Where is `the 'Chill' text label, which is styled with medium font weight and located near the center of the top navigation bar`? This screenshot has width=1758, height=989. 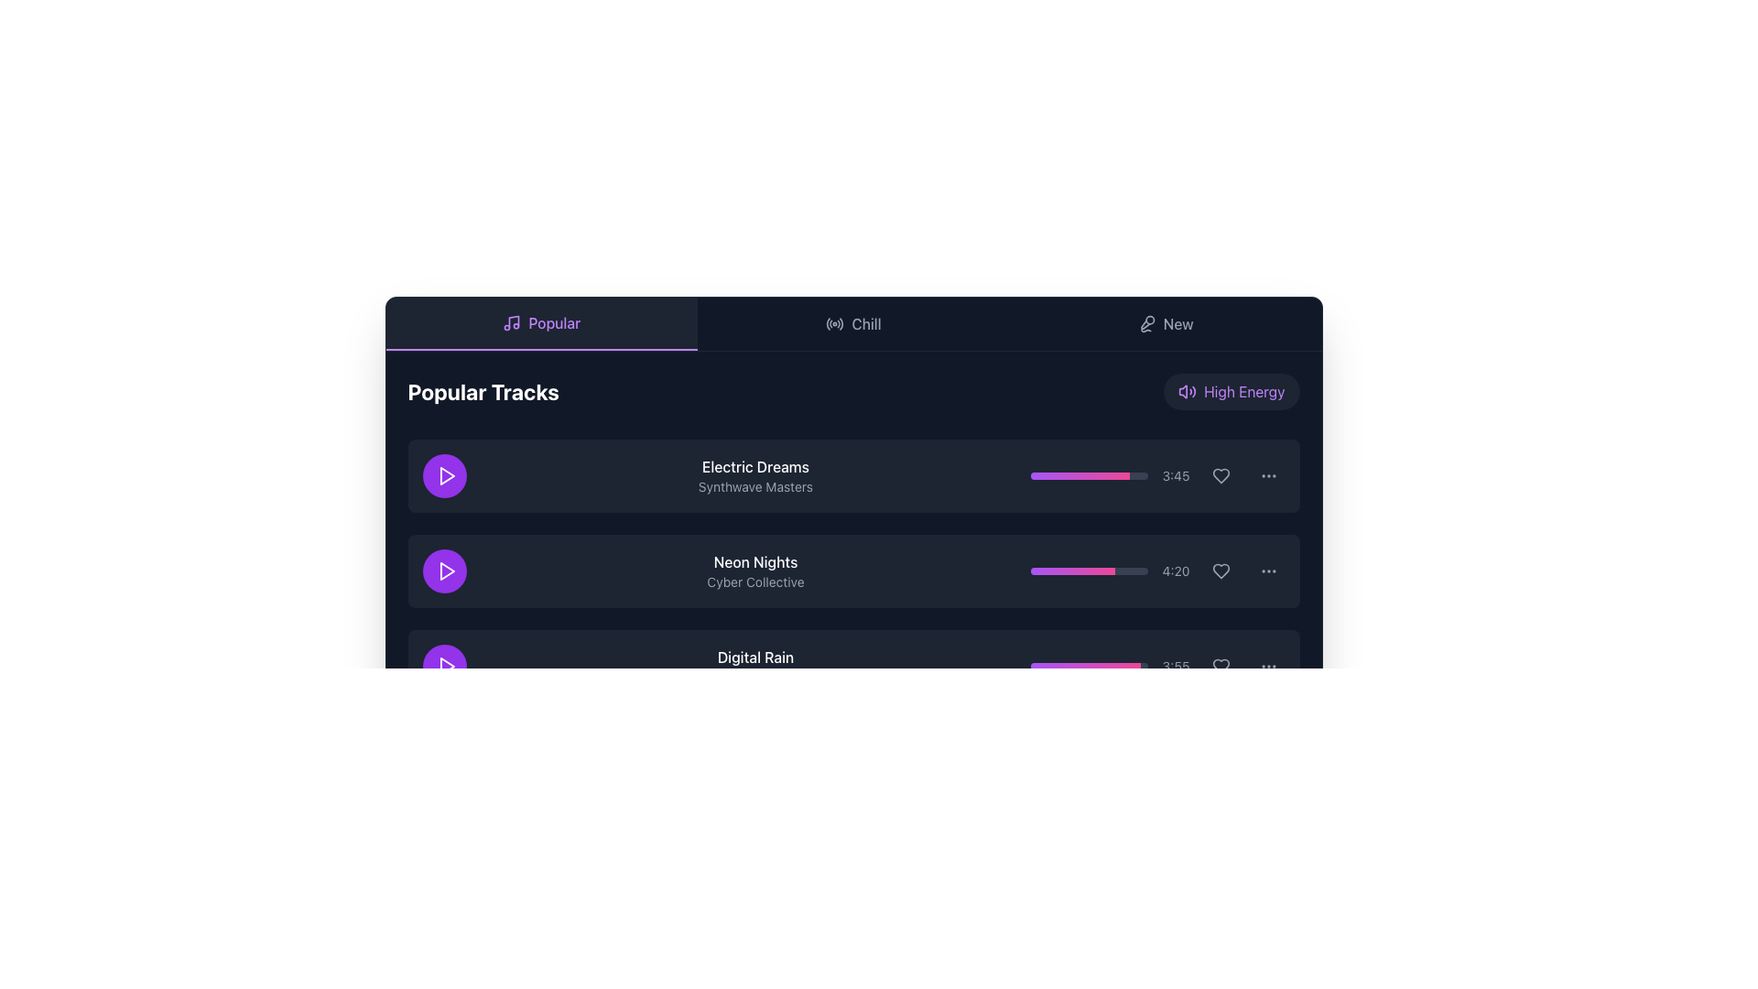 the 'Chill' text label, which is styled with medium font weight and located near the center of the top navigation bar is located at coordinates (865, 323).